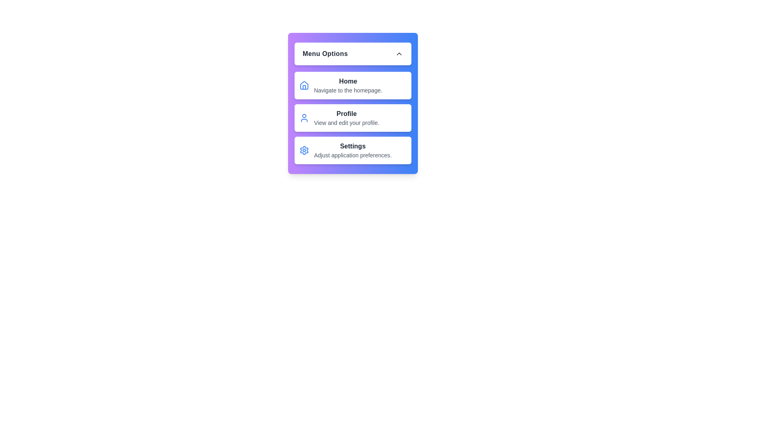 The image size is (779, 438). What do you see at coordinates (353, 86) in the screenshot?
I see `the menu item labeled Home to trigger its action` at bounding box center [353, 86].